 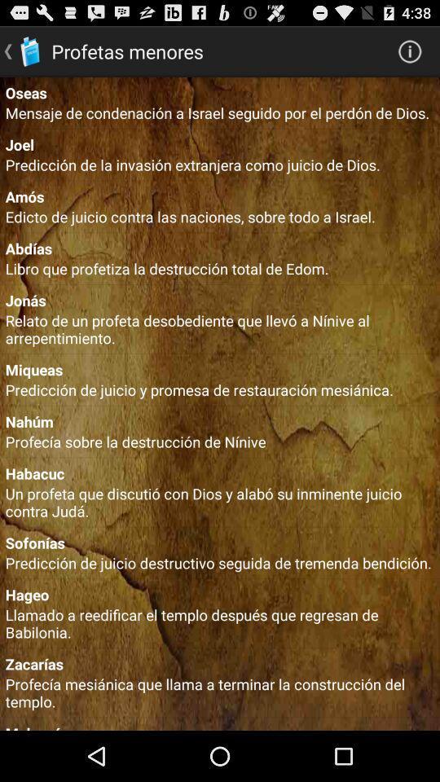 What do you see at coordinates (220, 248) in the screenshot?
I see `item below edicto de juicio` at bounding box center [220, 248].